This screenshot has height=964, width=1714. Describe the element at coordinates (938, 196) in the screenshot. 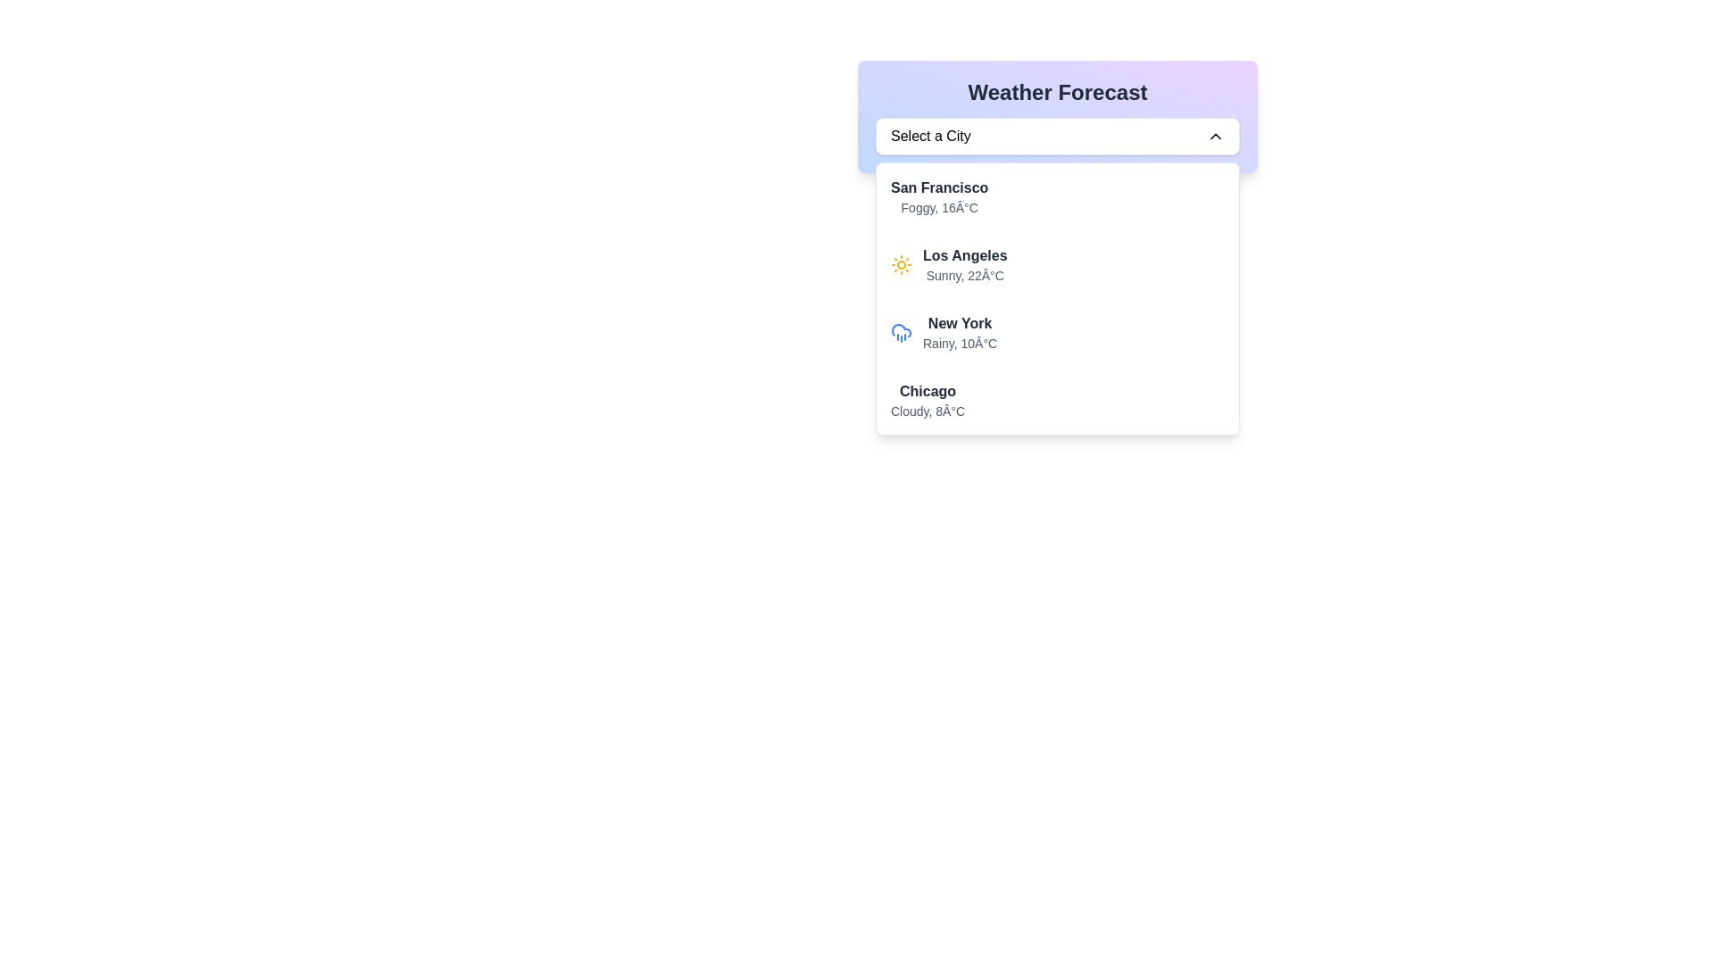

I see `the static text displaying 'San Francisco' in bold and dark gray font, which is the first item in the dropdown menu below the 'Select a City' input field` at that location.